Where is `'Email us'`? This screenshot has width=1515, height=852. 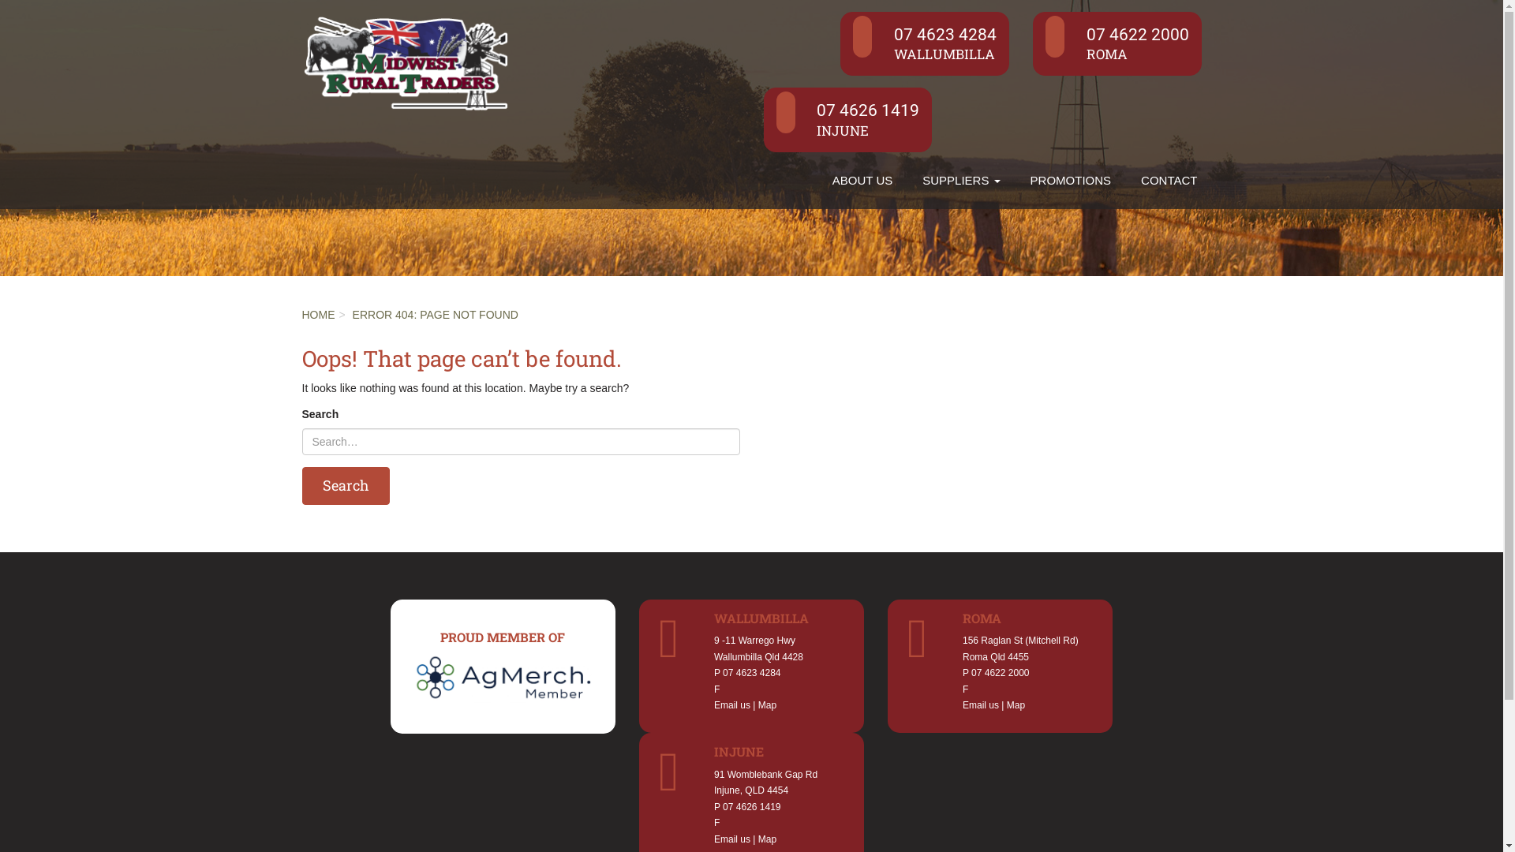 'Email us' is located at coordinates (731, 839).